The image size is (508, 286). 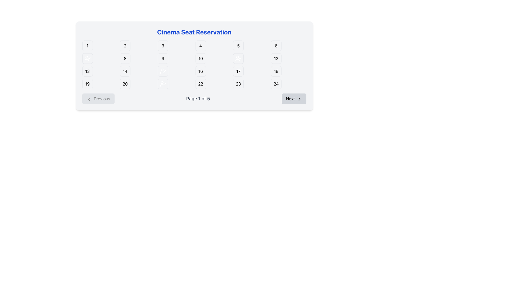 What do you see at coordinates (87, 71) in the screenshot?
I see `the selectable seat button displaying the seat number in the cinema seat reservation system, located in the third row and first column of the grid` at bounding box center [87, 71].